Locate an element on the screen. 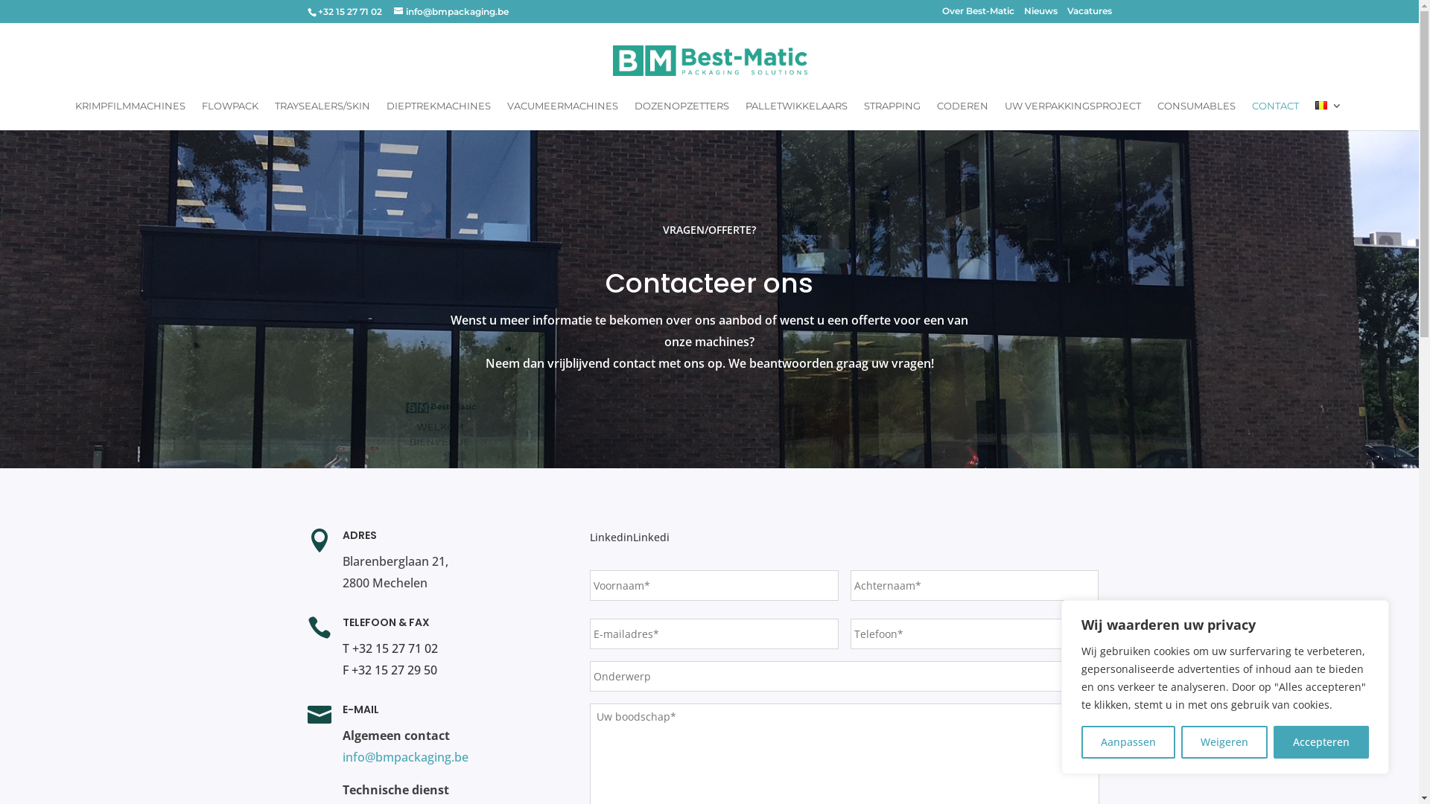 The height and width of the screenshot is (804, 1430). 'CODEREN' is located at coordinates (935, 114).